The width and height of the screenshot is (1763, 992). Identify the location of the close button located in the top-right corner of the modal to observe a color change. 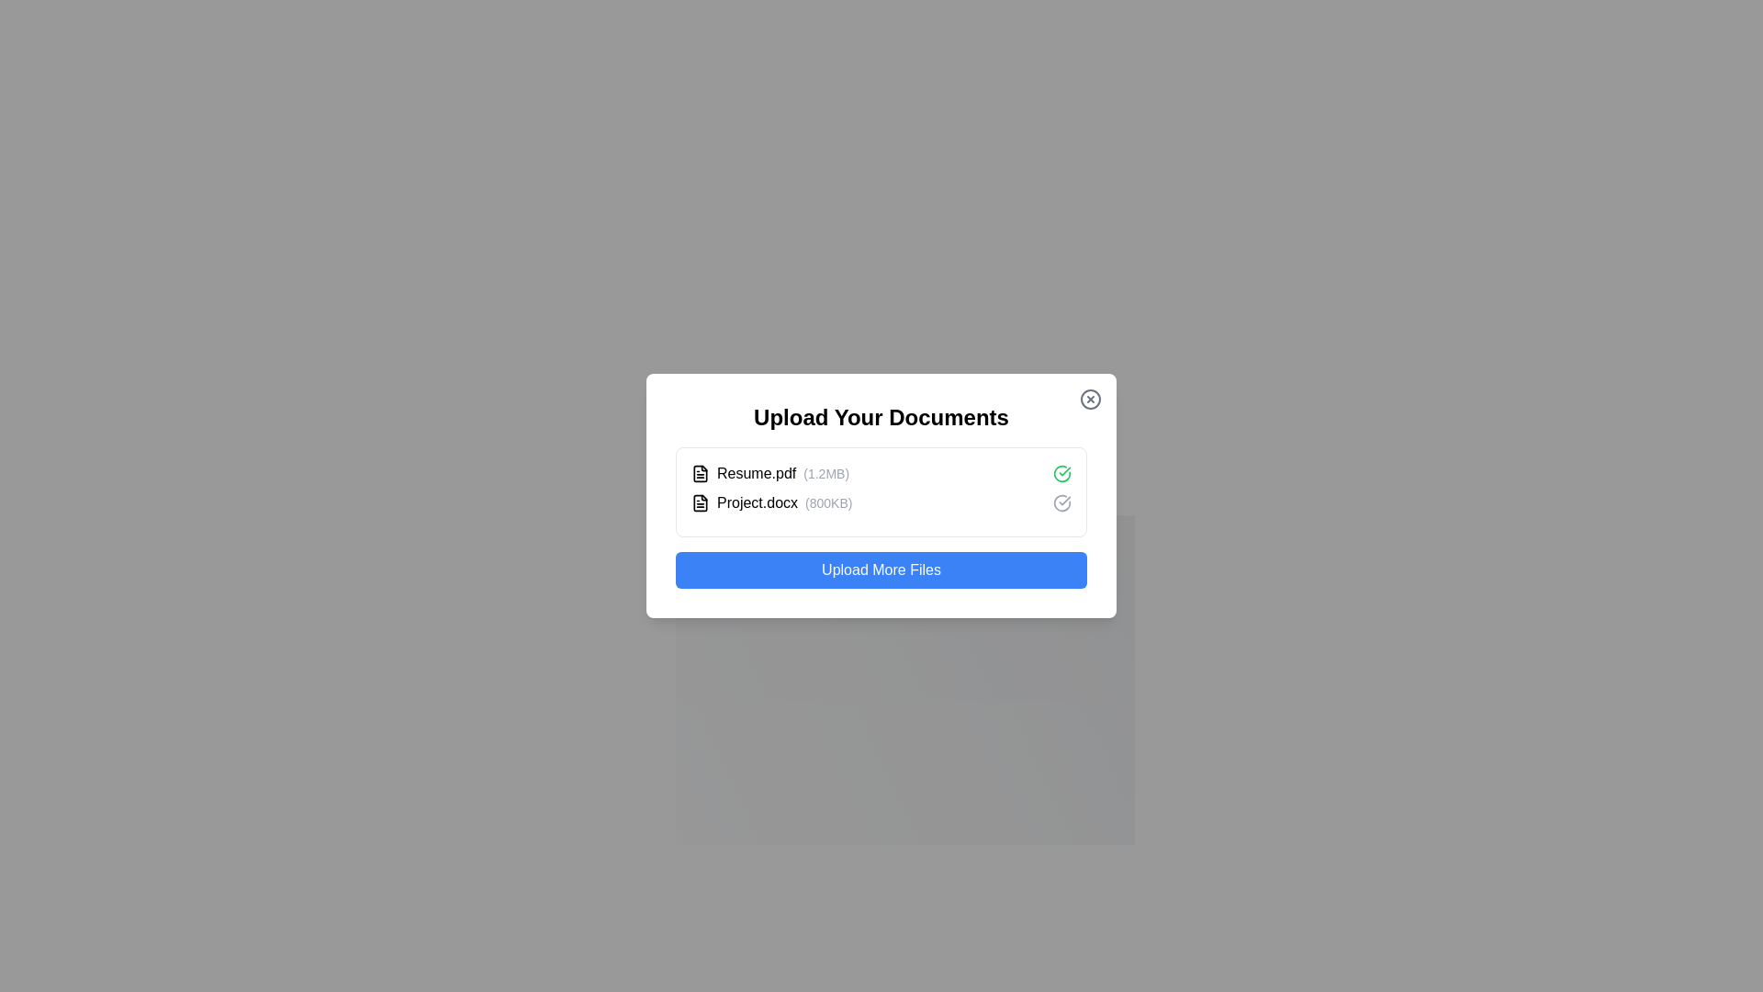
(1091, 399).